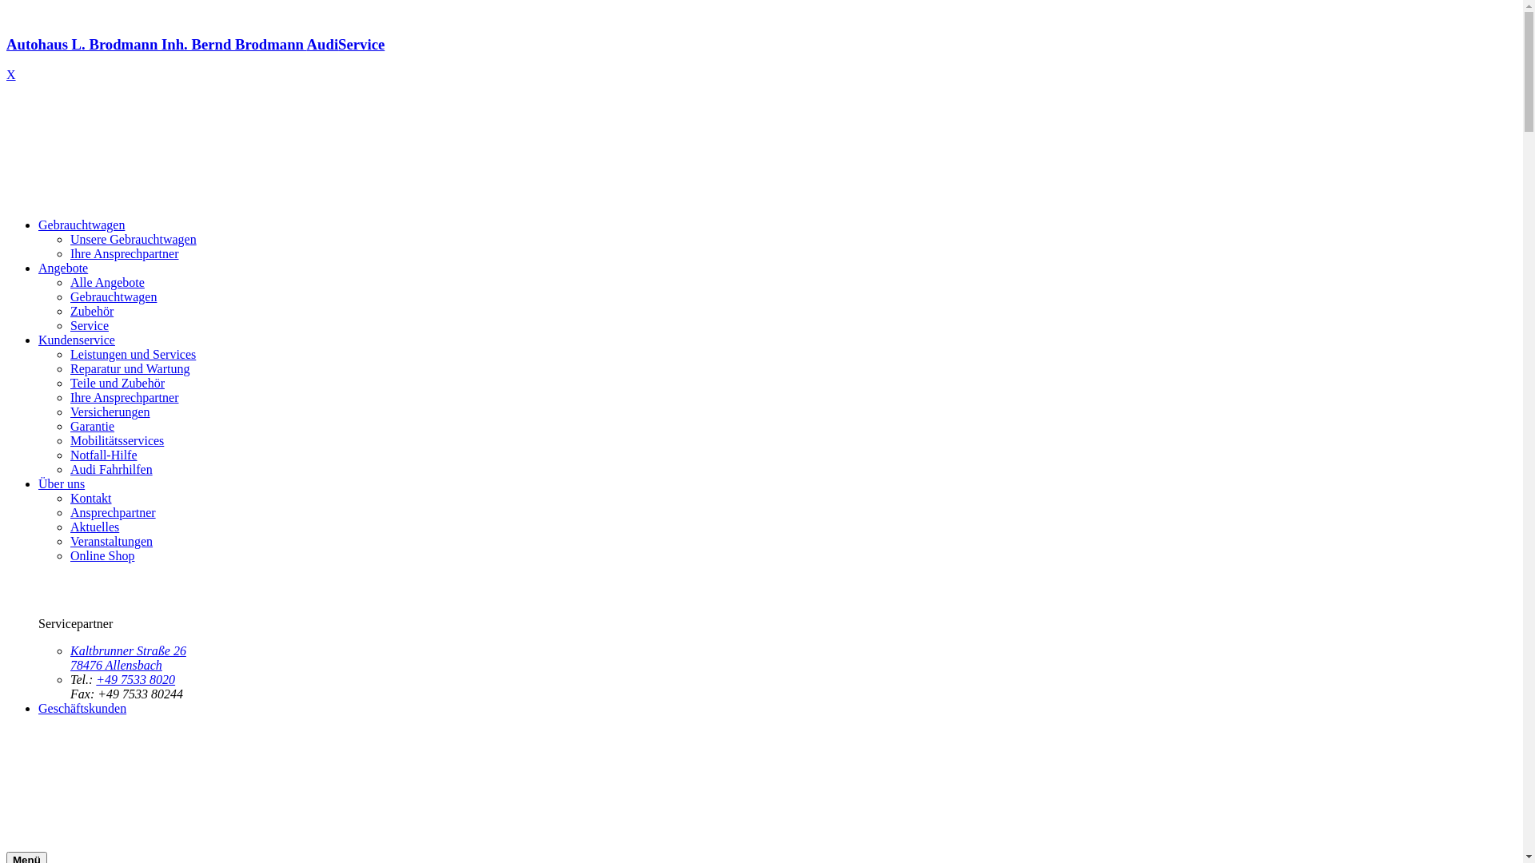 The image size is (1535, 863). What do you see at coordinates (69, 239) in the screenshot?
I see `'Unsere Gebrauchtwagen'` at bounding box center [69, 239].